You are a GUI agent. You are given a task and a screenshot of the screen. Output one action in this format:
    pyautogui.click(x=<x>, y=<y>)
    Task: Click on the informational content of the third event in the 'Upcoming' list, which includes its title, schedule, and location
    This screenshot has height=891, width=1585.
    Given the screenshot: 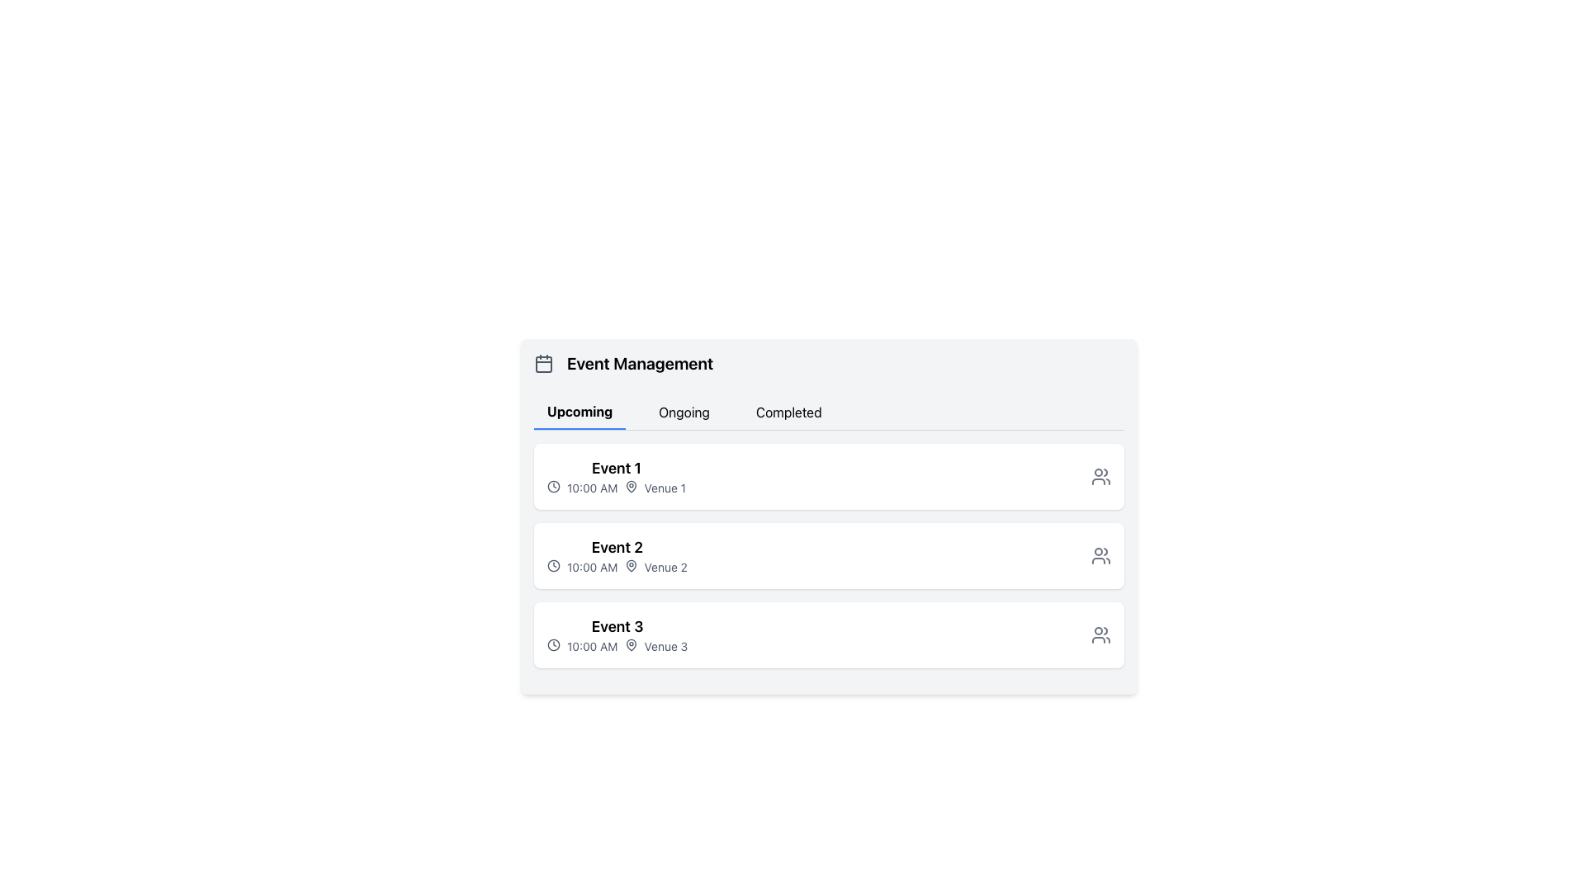 What is the action you would take?
    pyautogui.click(x=617, y=634)
    